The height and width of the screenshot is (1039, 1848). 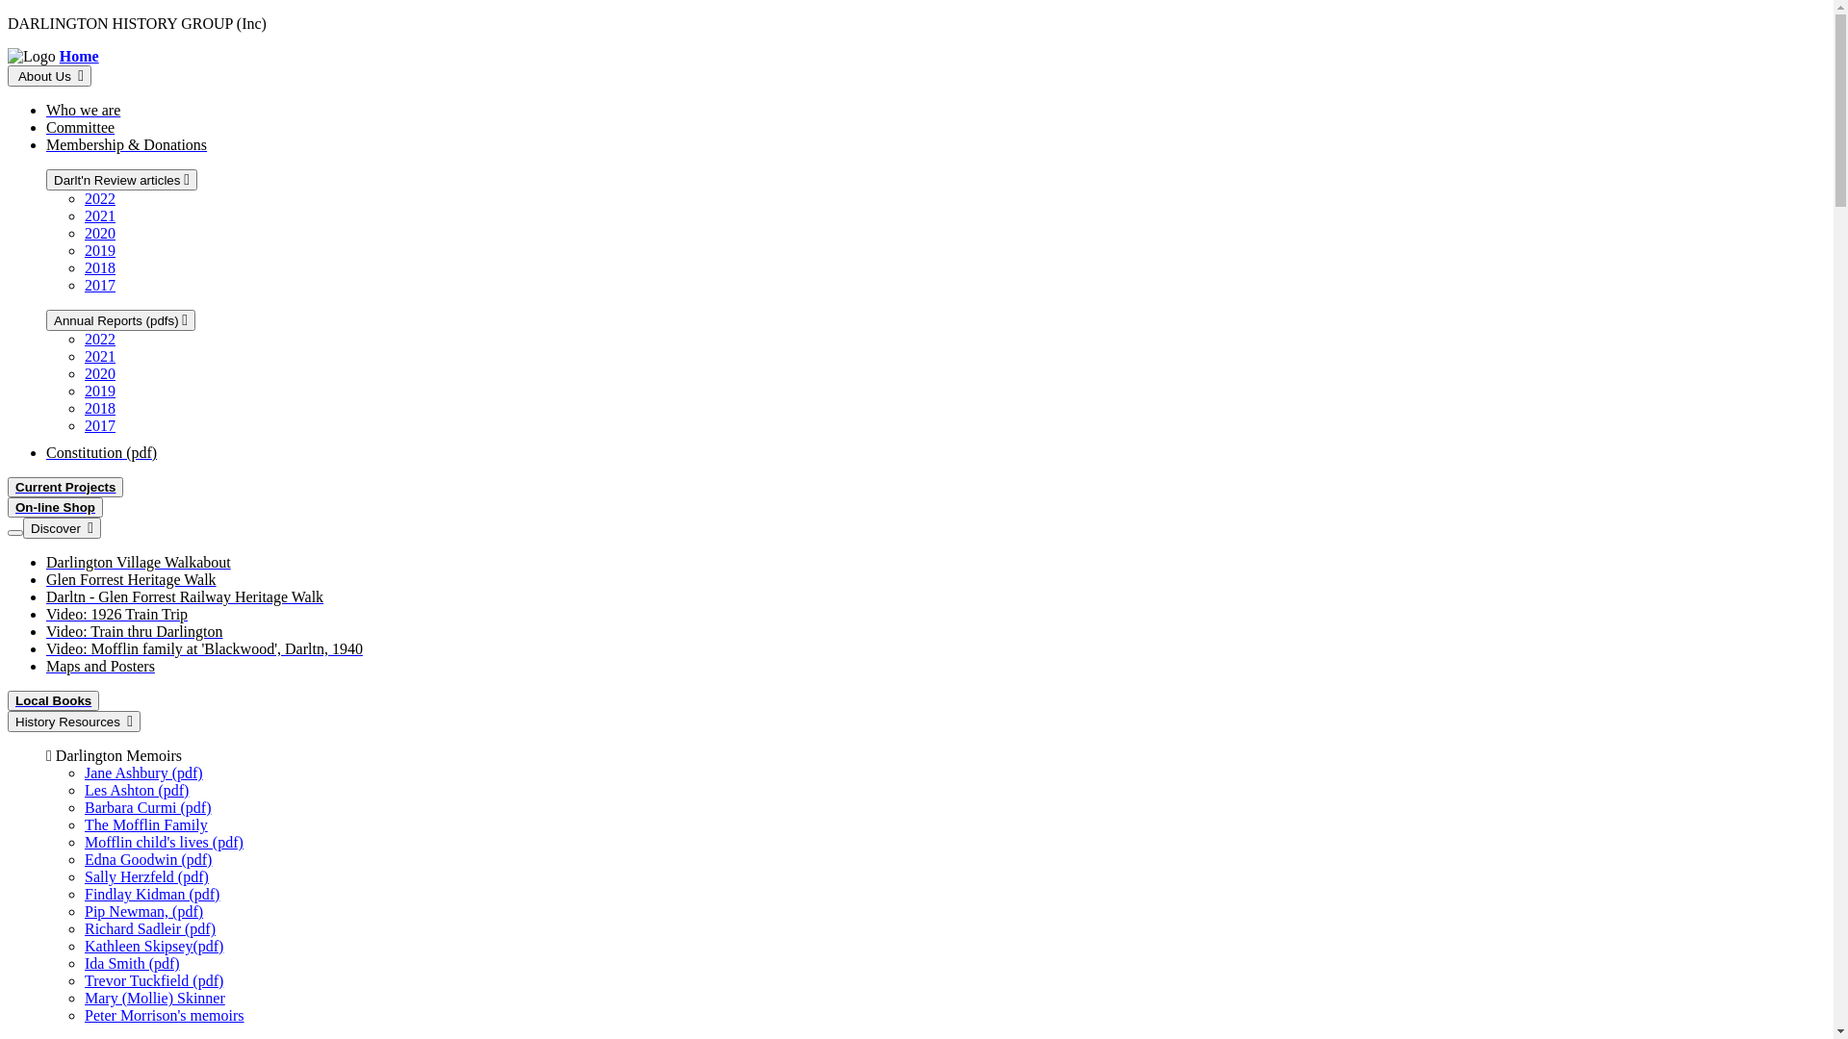 I want to click on 'Local Books', so click(x=53, y=700).